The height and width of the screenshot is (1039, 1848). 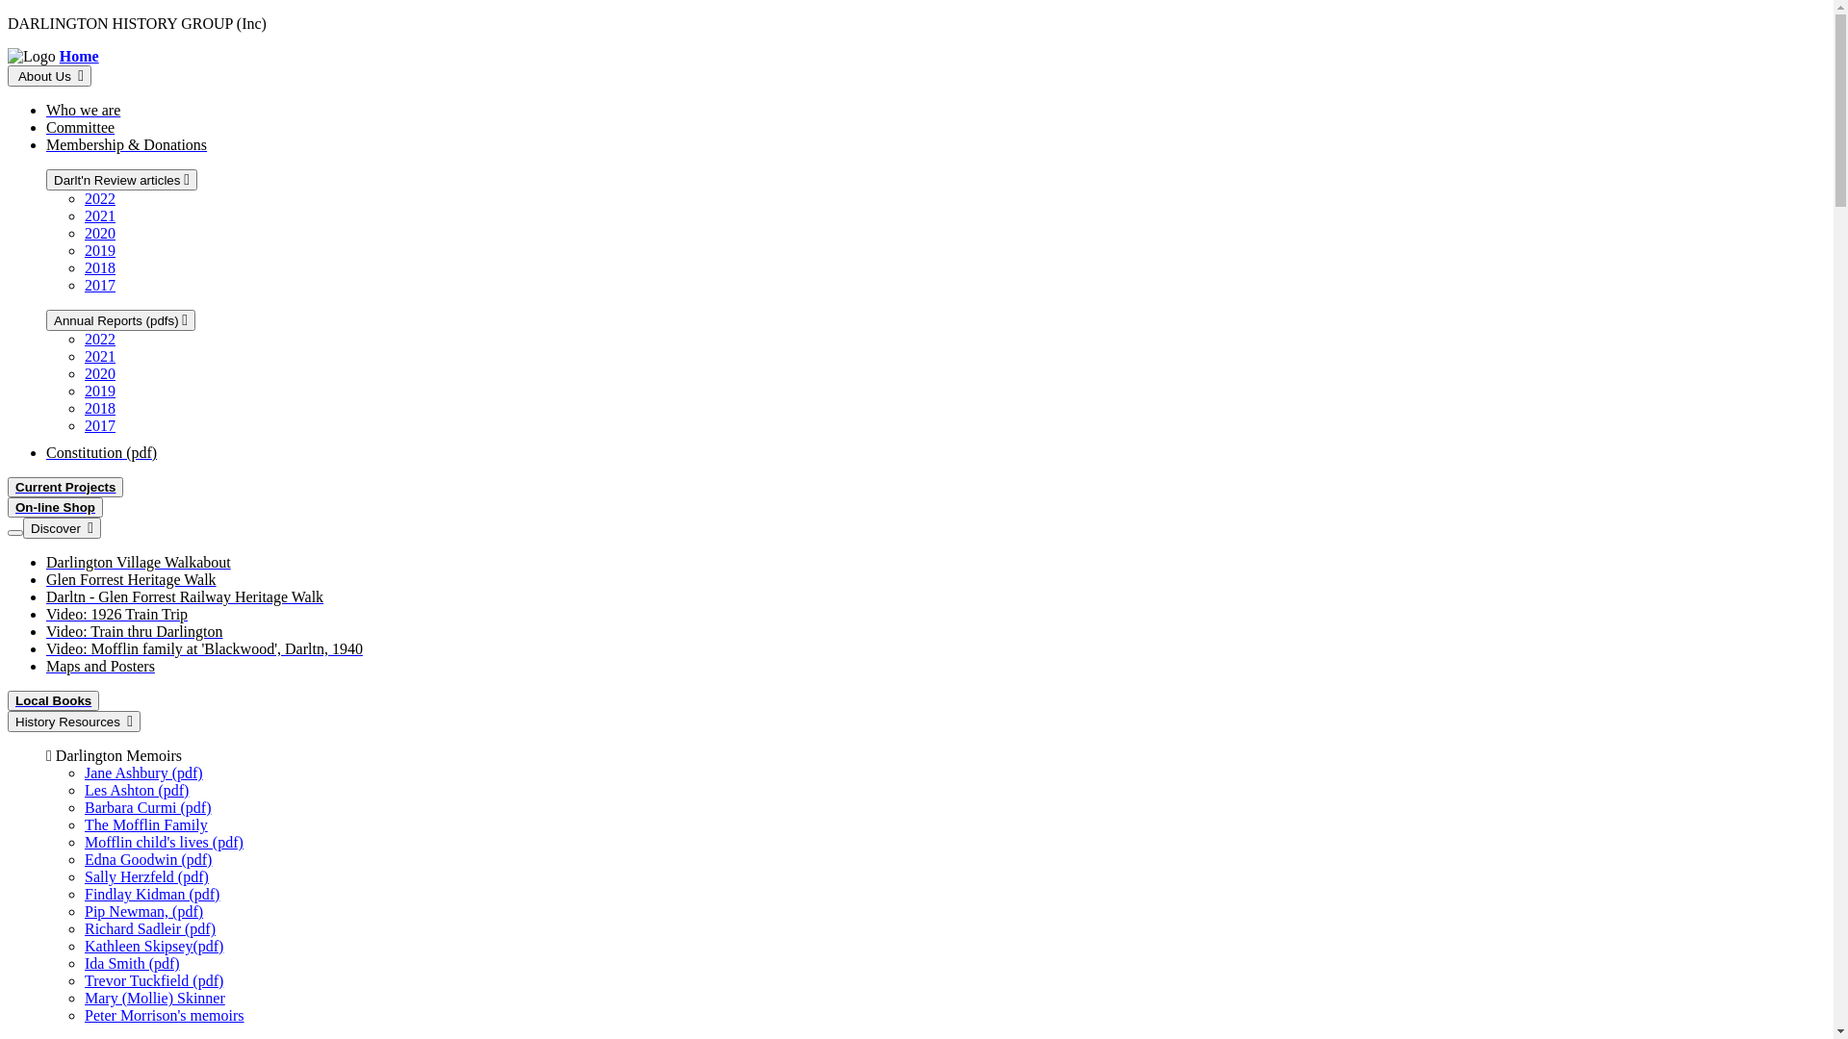 I want to click on 'Local Books', so click(x=53, y=700).